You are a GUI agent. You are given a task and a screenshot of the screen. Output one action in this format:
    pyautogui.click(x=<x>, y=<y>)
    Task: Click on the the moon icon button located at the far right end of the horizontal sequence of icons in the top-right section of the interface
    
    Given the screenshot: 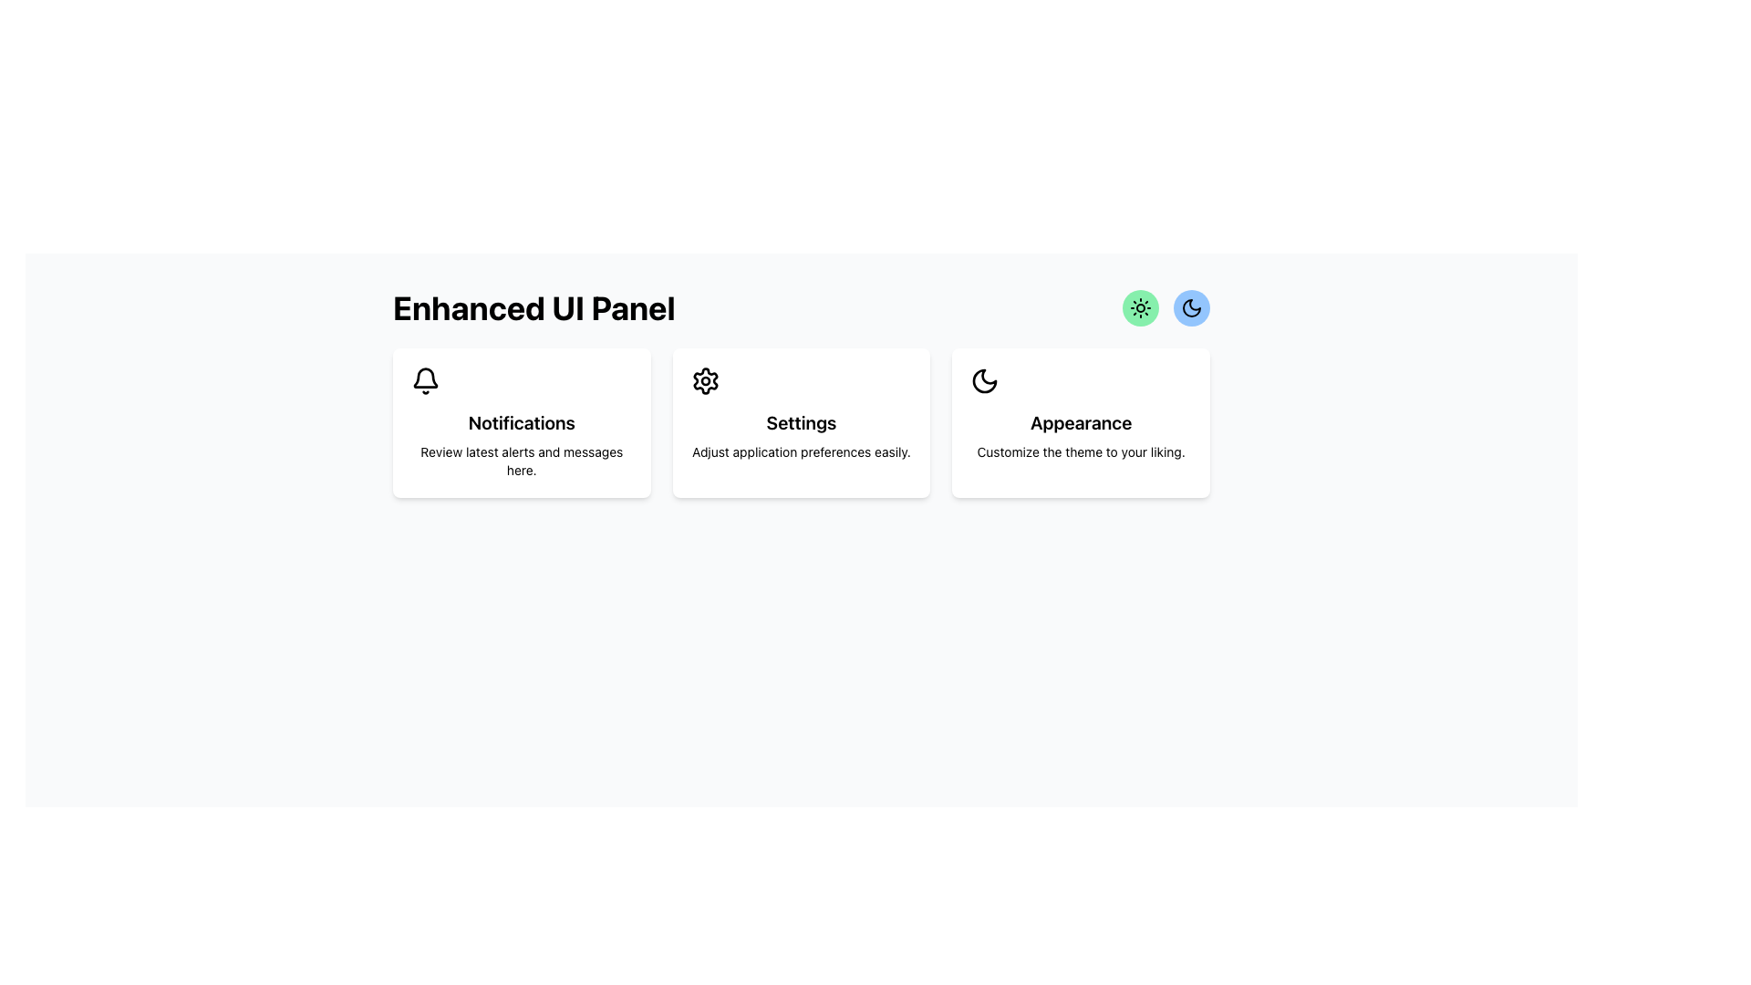 What is the action you would take?
    pyautogui.click(x=1191, y=307)
    